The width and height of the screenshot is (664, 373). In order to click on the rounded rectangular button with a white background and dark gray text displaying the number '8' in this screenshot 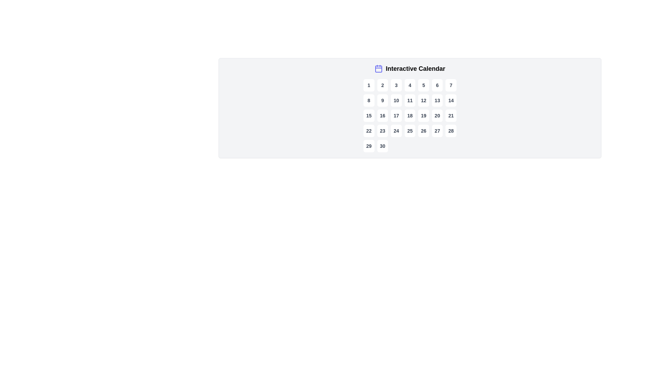, I will do `click(368, 100)`.